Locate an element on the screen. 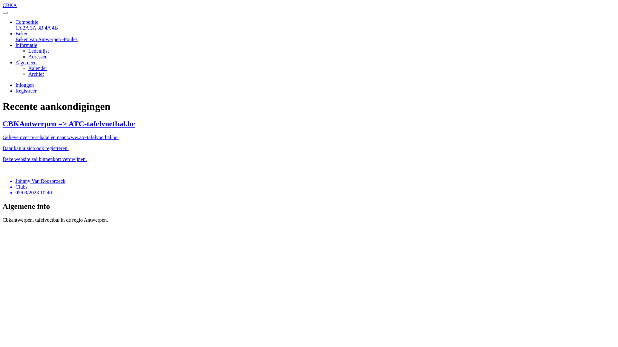 This screenshot has height=347, width=618. 'Adressen' is located at coordinates (38, 56).